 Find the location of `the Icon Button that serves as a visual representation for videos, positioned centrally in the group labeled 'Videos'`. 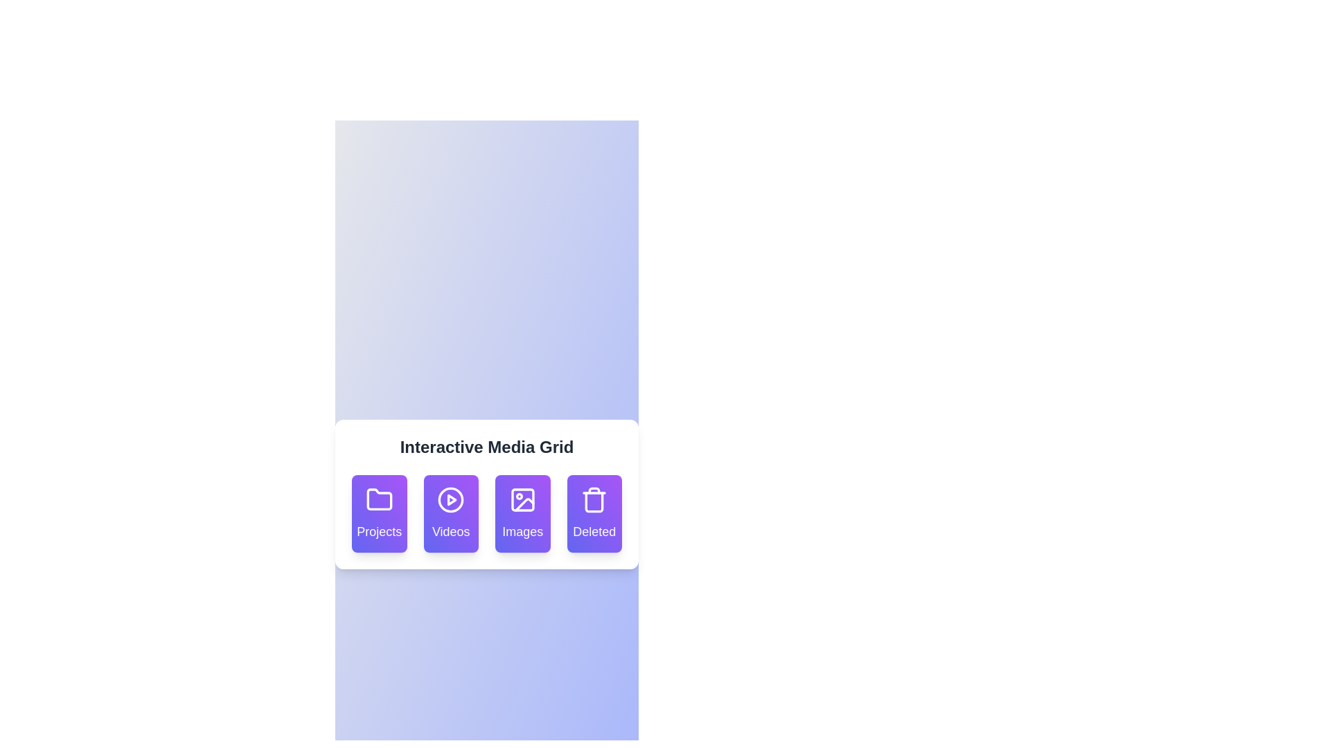

the Icon Button that serves as a visual representation for videos, positioned centrally in the group labeled 'Videos' is located at coordinates (451, 499).